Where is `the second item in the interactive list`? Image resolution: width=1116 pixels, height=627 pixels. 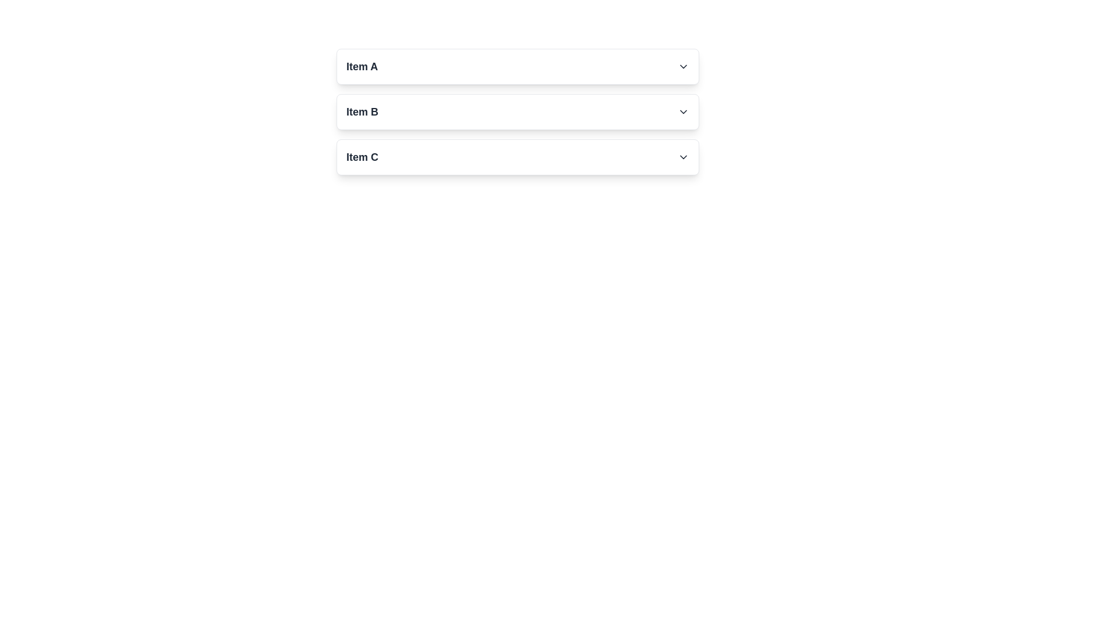
the second item in the interactive list is located at coordinates (362, 111).